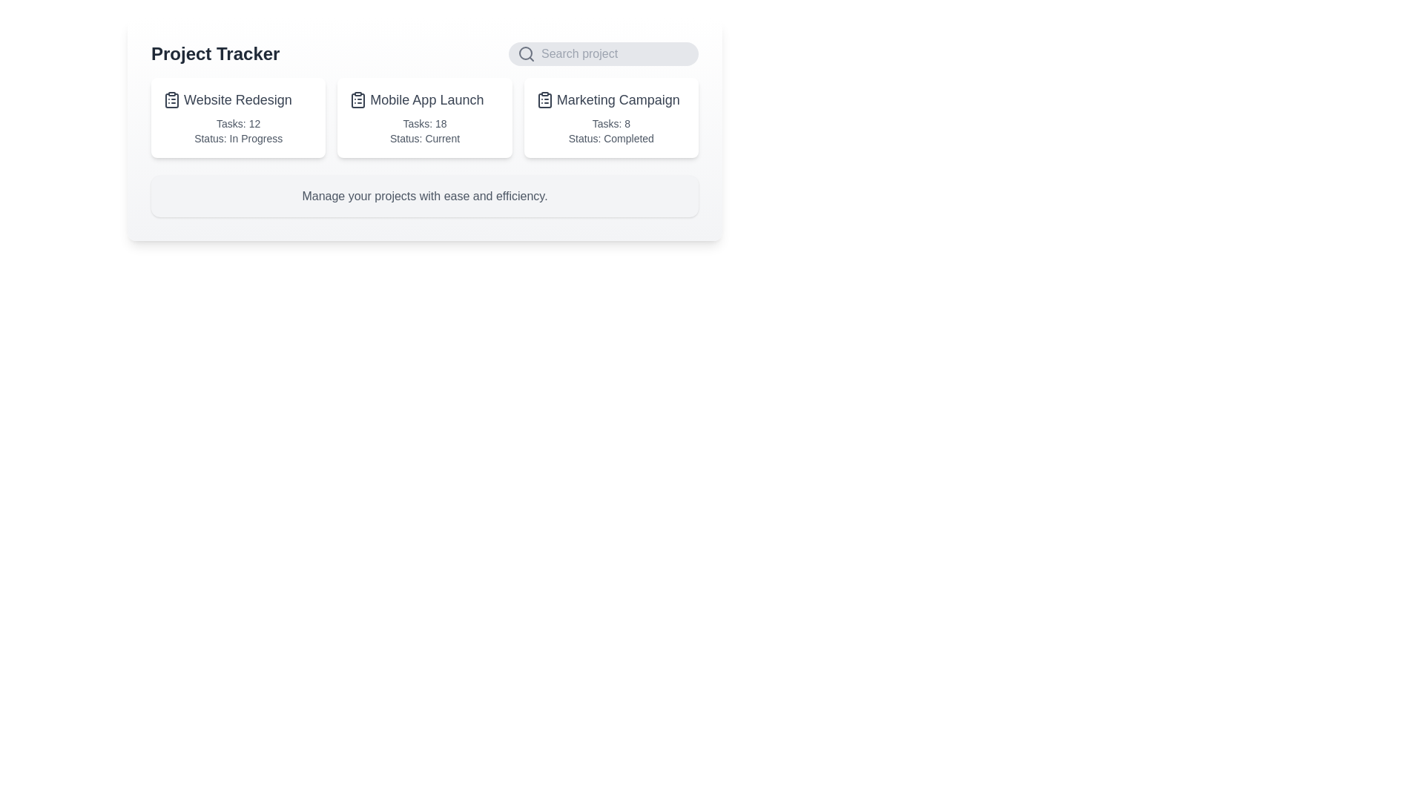  I want to click on the card styled component with the title 'Mobile App Launch', which has a white background and rounded corners, positioned in the second place among three horizontally aligned cards, so click(423, 116).